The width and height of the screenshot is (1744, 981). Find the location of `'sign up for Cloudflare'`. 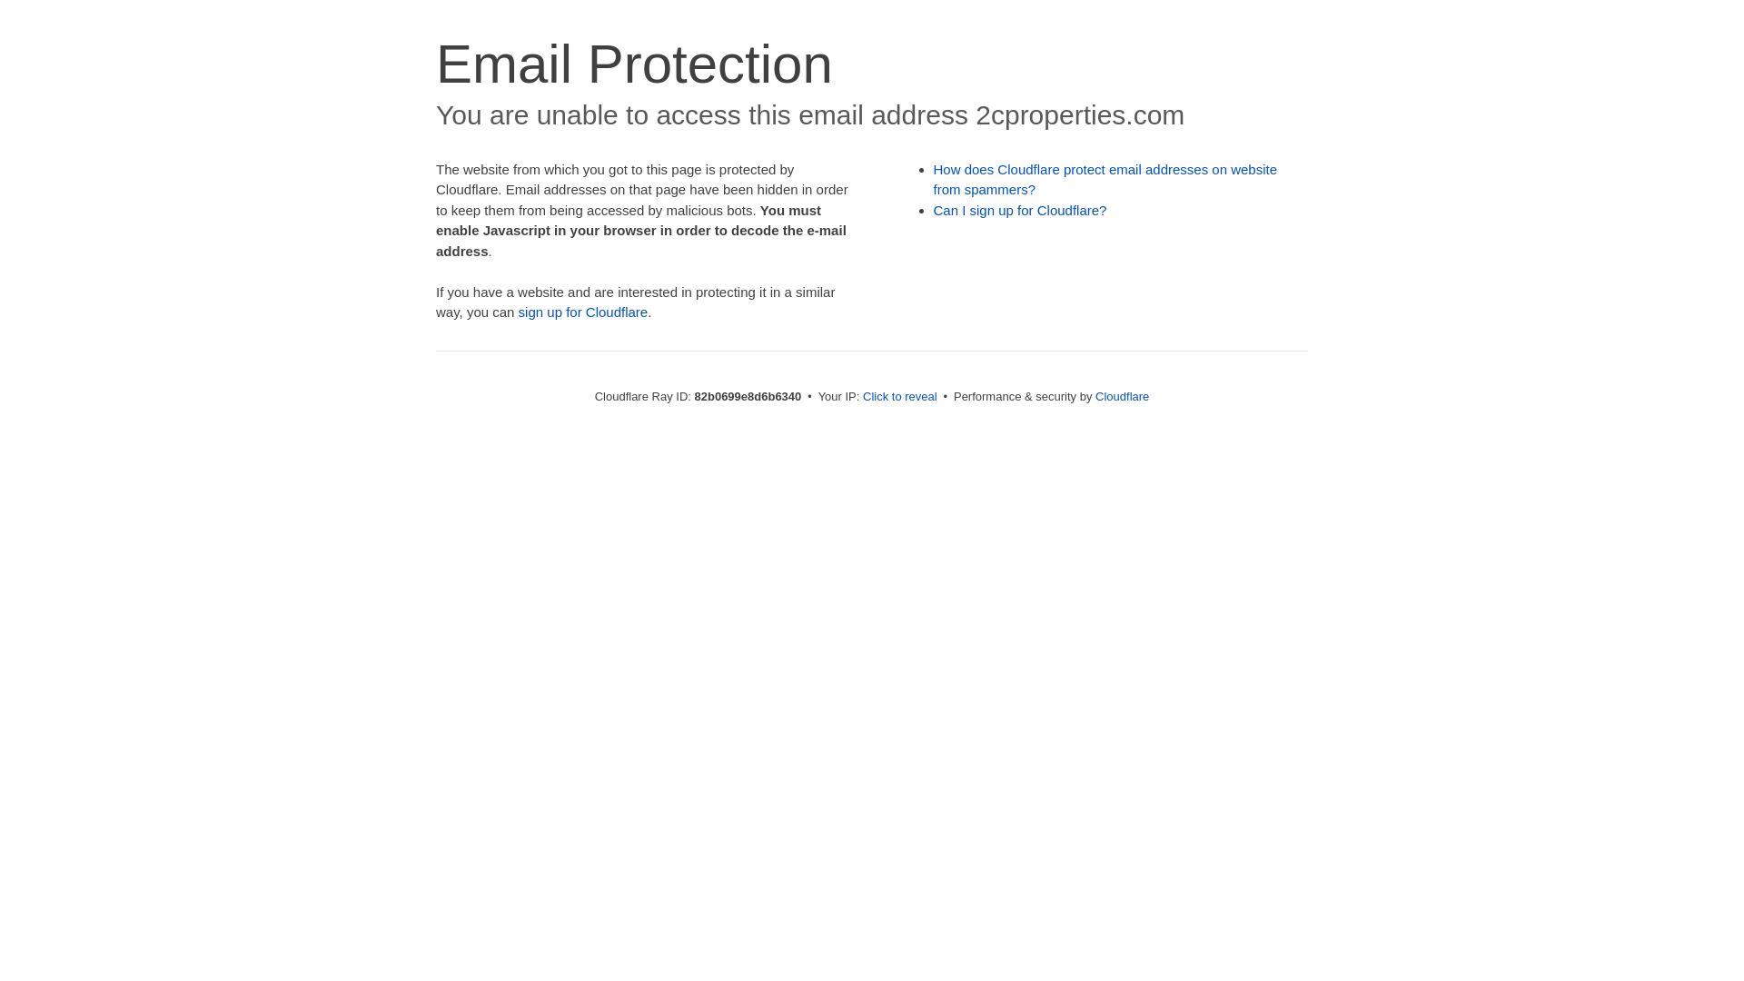

'sign up for Cloudflare' is located at coordinates (583, 311).